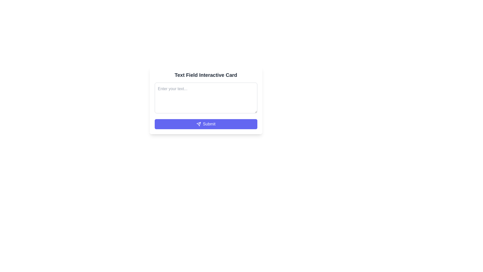  I want to click on the rectangular 'Submit' button with a purple background and white text, so click(206, 124).